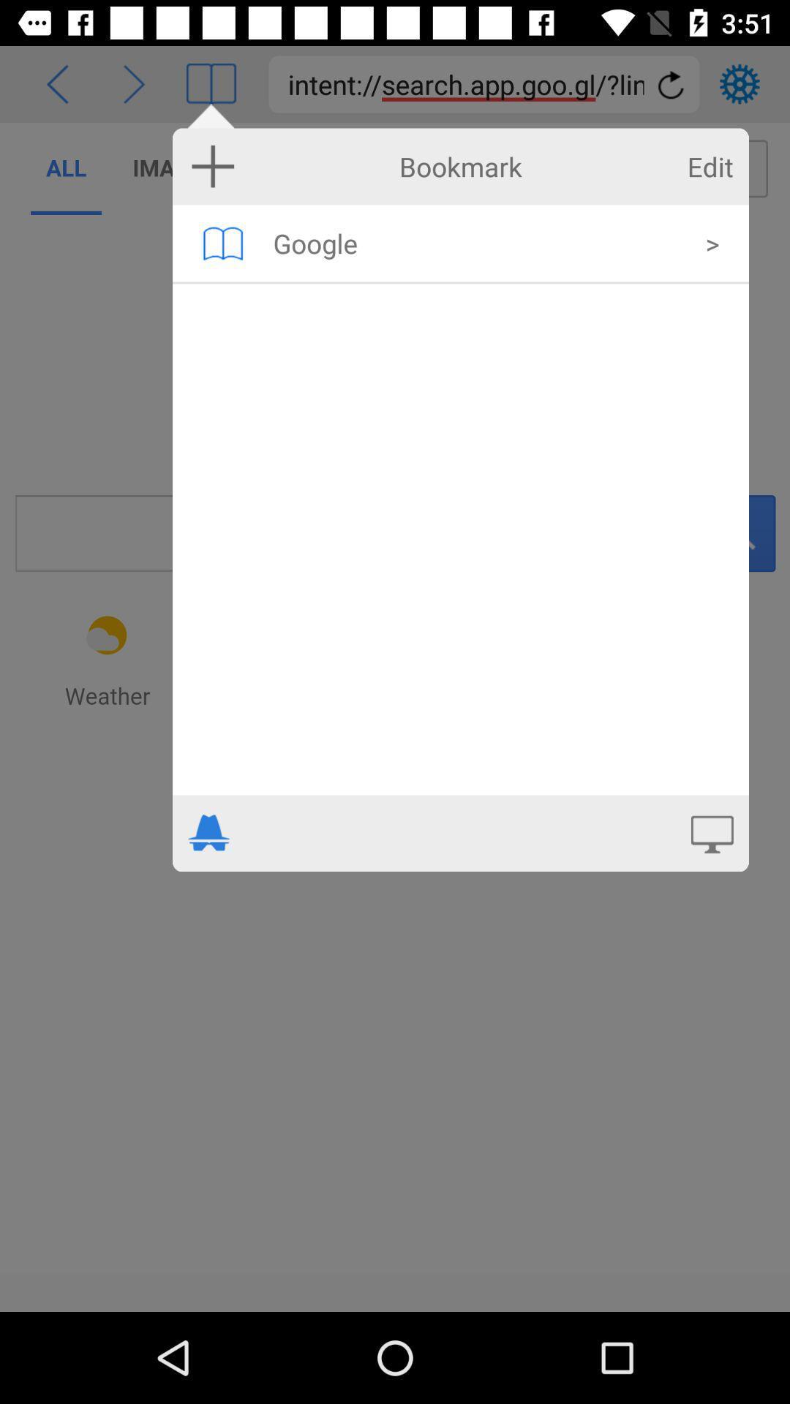 This screenshot has height=1404, width=790. What do you see at coordinates (712, 243) in the screenshot?
I see `the icon to the right of the google item` at bounding box center [712, 243].